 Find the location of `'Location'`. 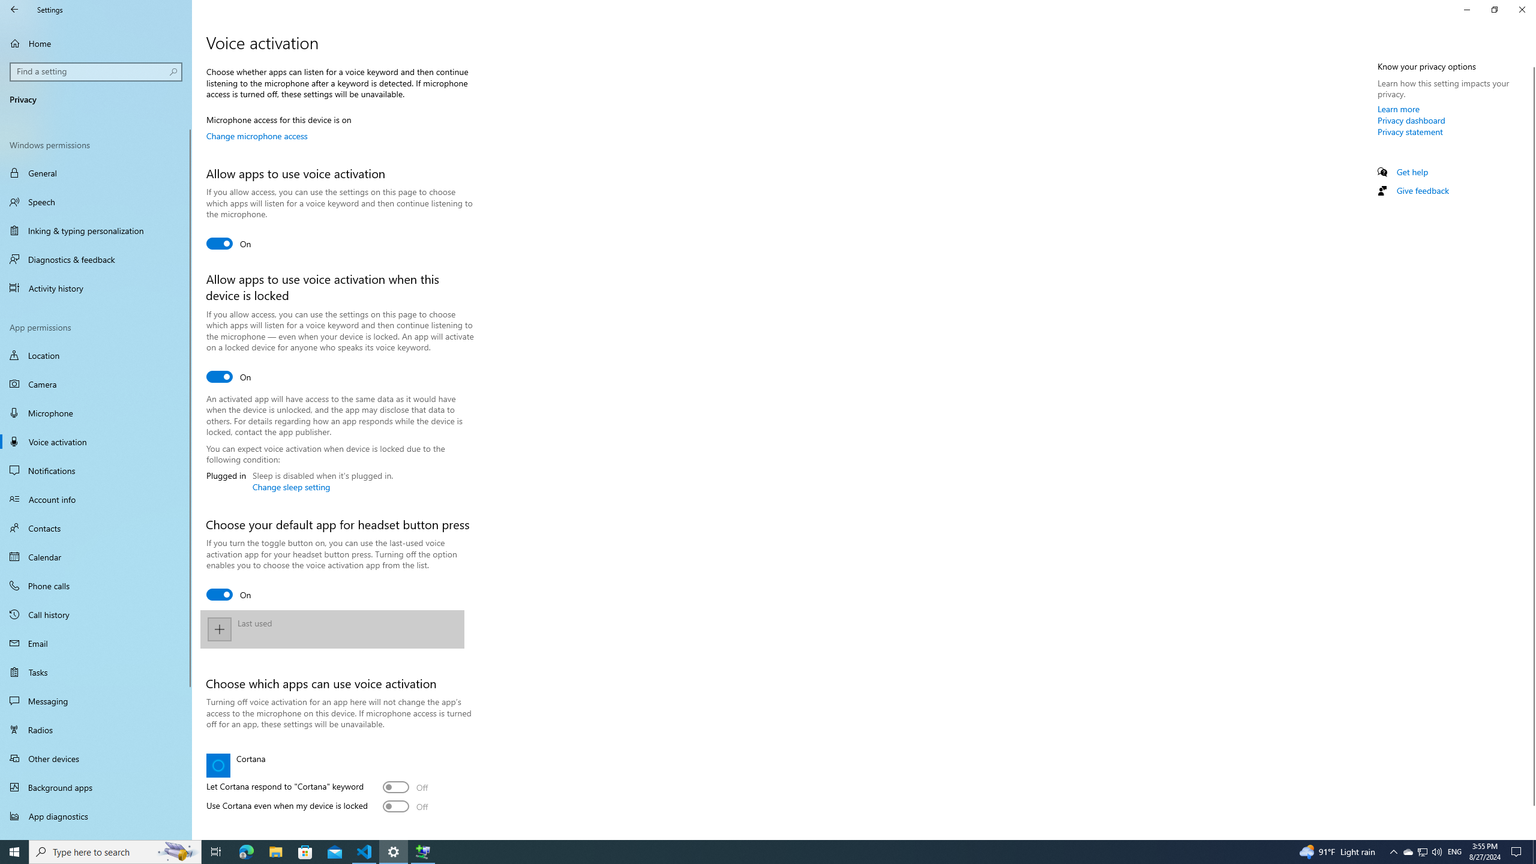

'Location' is located at coordinates (95, 354).